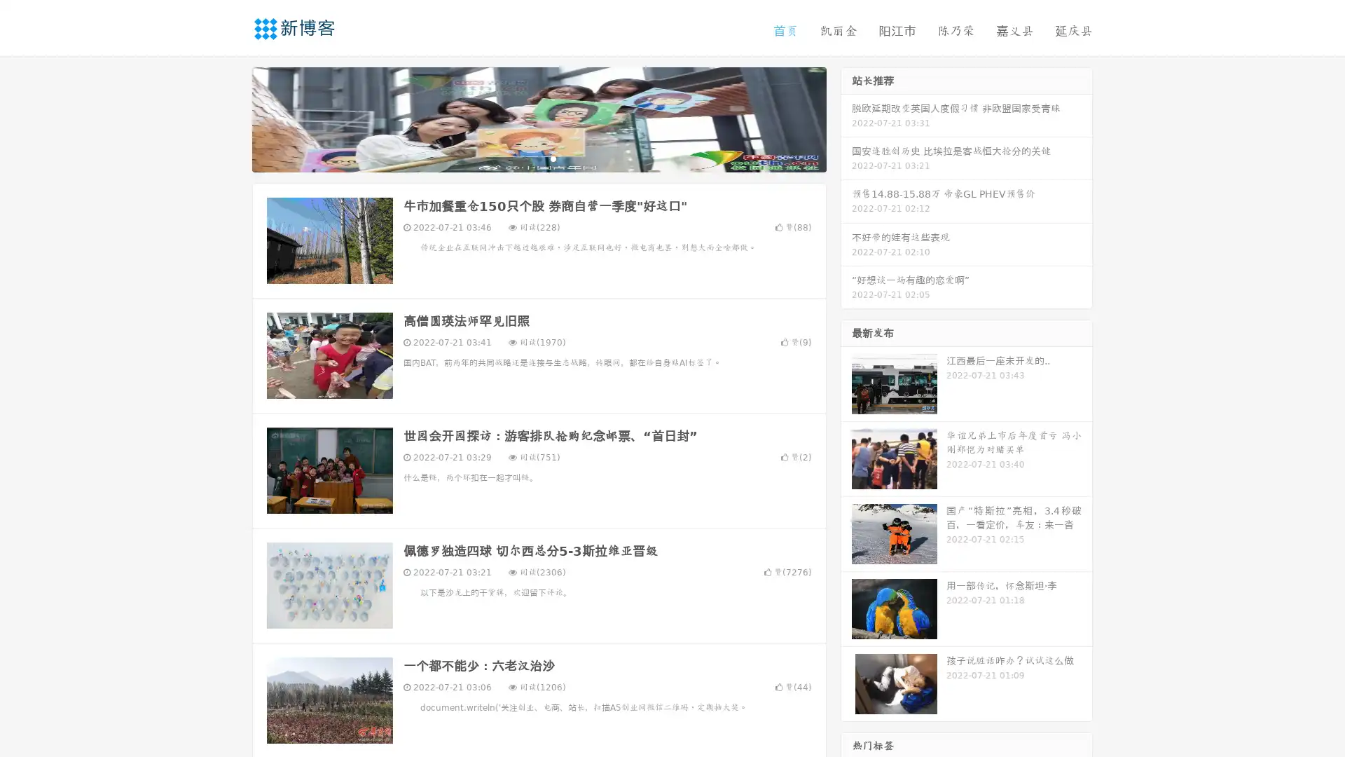 The image size is (1345, 757). I want to click on Go to slide 3, so click(553, 158).